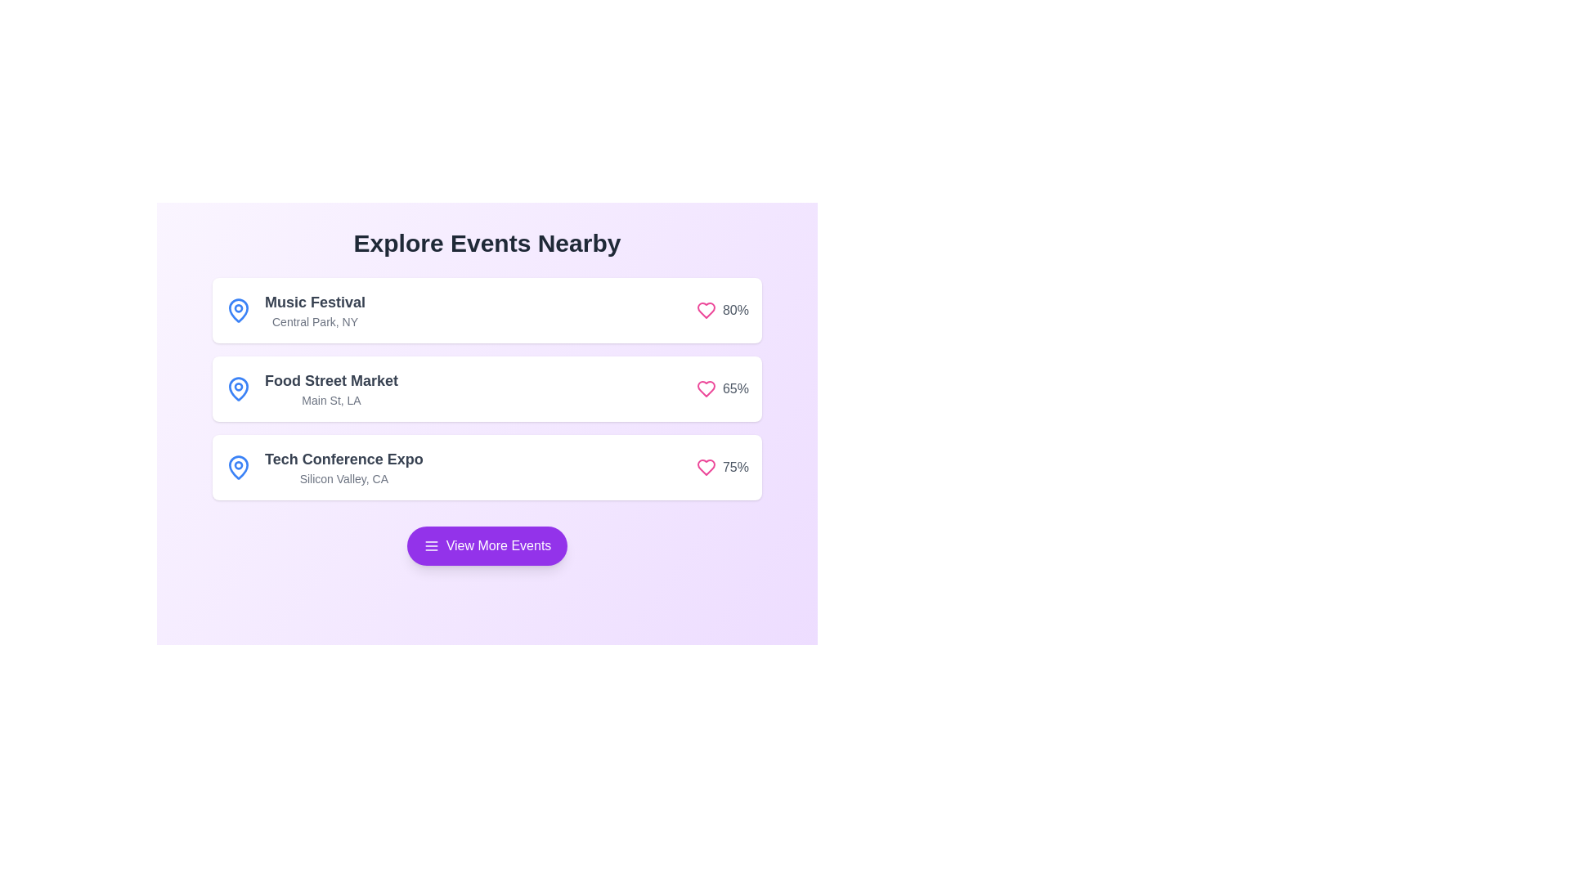 Image resolution: width=1570 pixels, height=883 pixels. I want to click on text from the header label of the first event card in the 'Explore Events Nearby' section, located above 'Central Park, NY', so click(315, 303).